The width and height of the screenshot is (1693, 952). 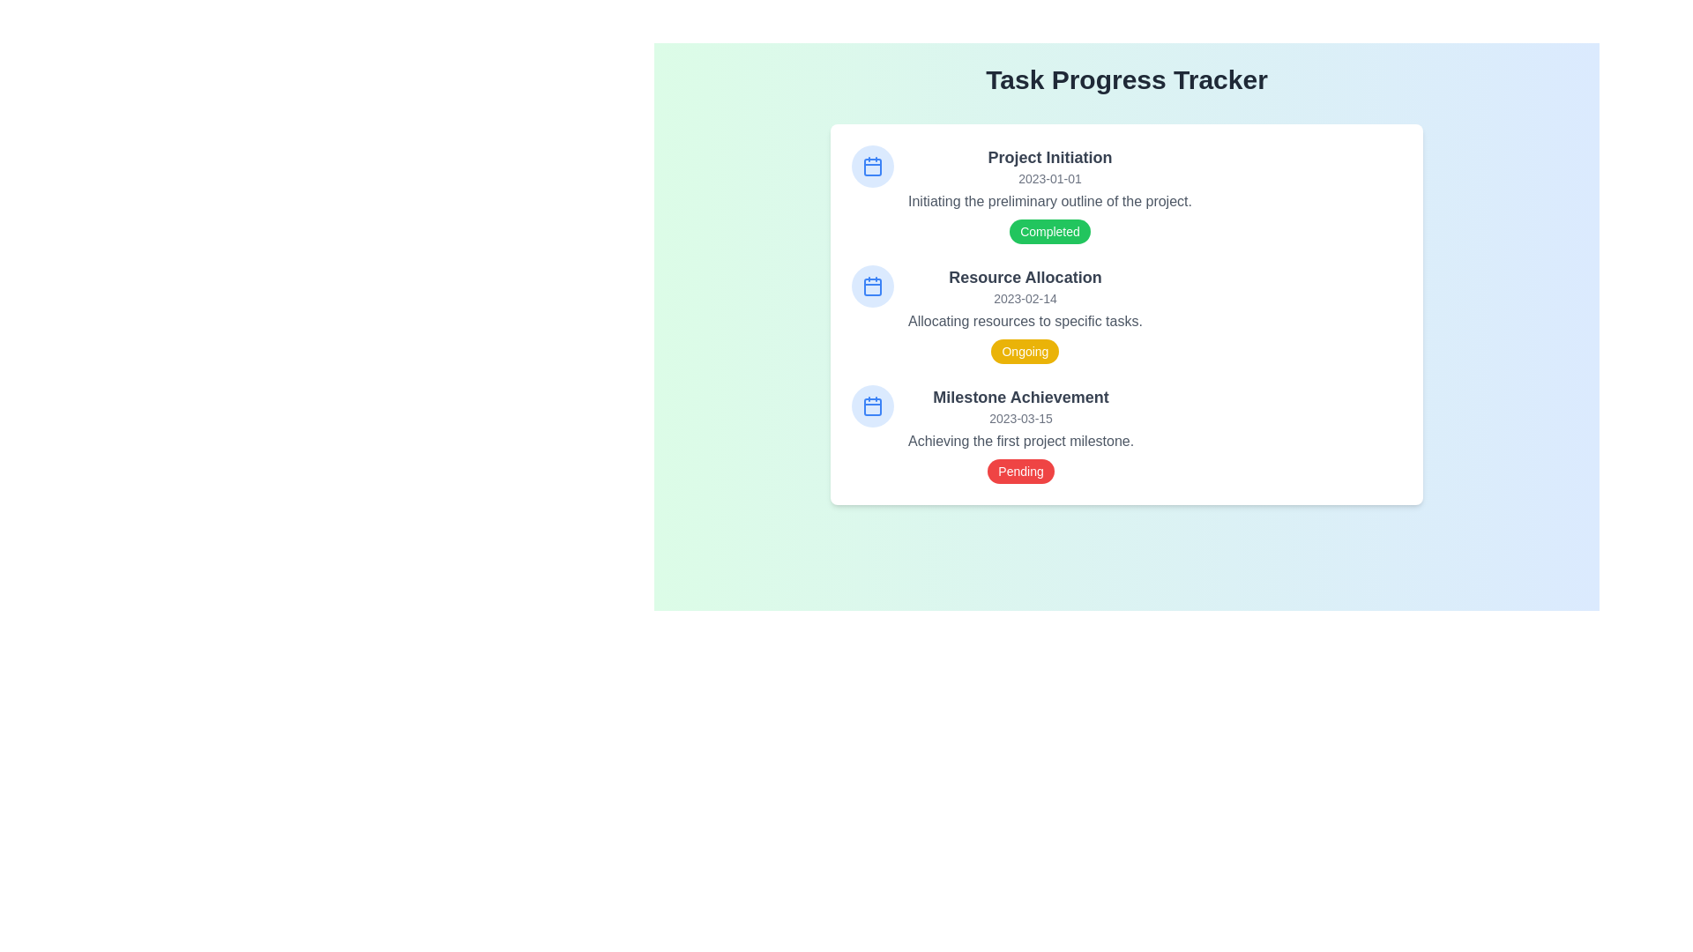 I want to click on the static text element displaying 'Resource Allocation', which is styled as a section or list heading in bold, dark gray font, located in the second row of a vertical task list, so click(x=1025, y=278).